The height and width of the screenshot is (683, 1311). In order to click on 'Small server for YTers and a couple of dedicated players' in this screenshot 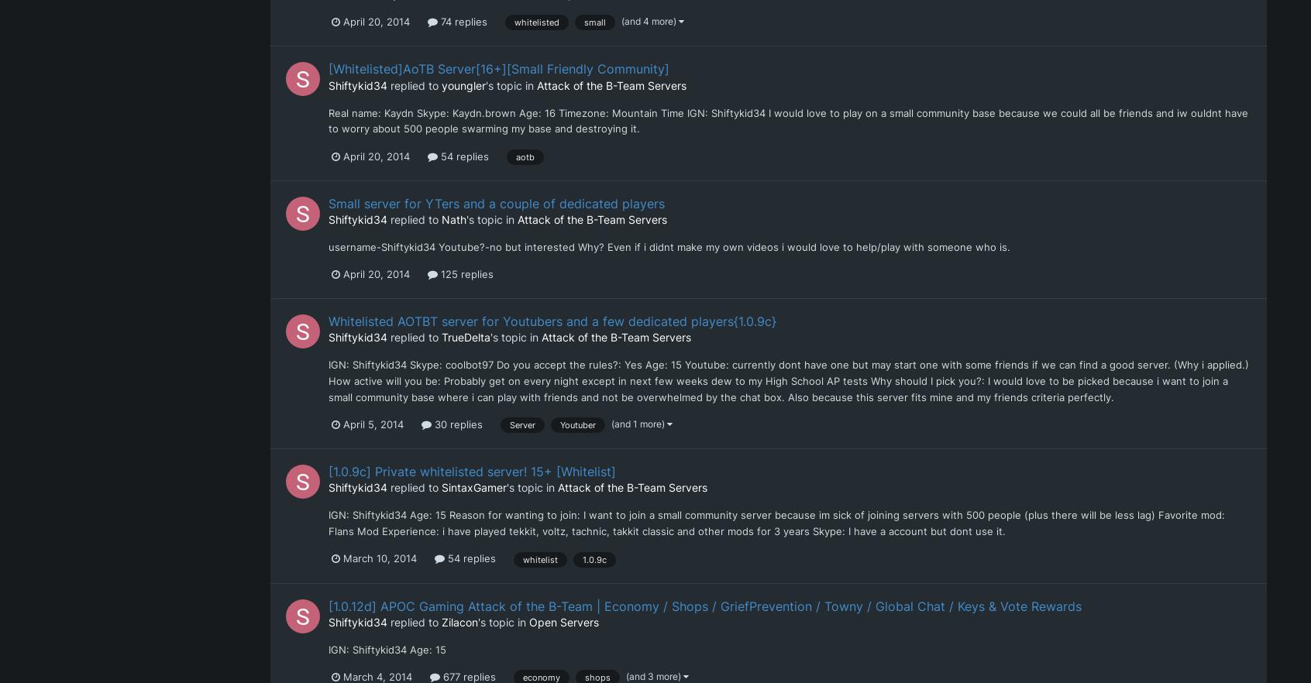, I will do `click(496, 203)`.